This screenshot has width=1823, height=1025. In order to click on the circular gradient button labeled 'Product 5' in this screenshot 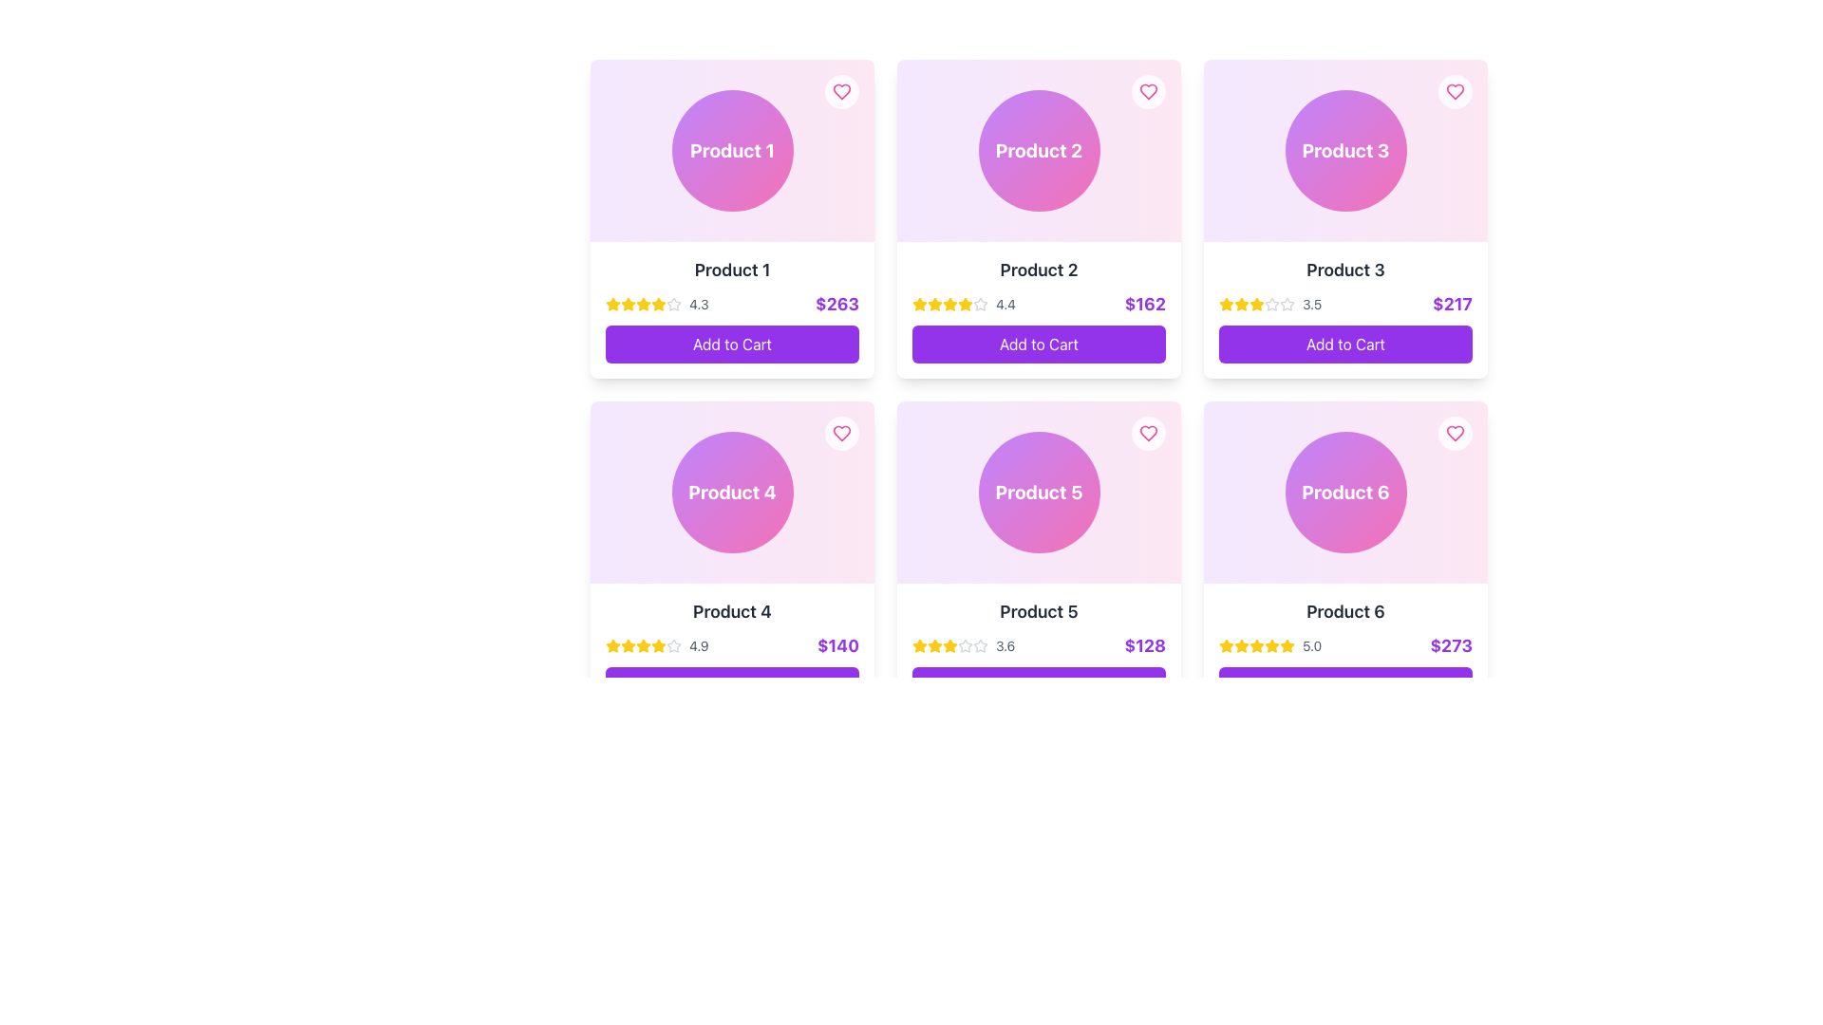, I will do `click(1038, 492)`.